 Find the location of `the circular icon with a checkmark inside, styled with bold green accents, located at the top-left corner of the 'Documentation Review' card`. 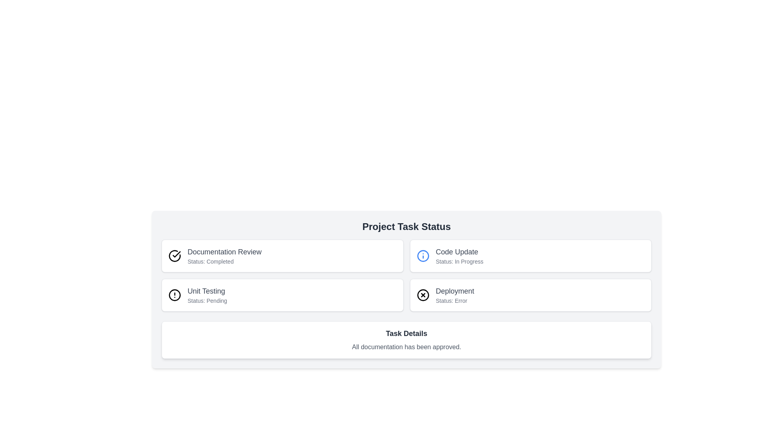

the circular icon with a checkmark inside, styled with bold green accents, located at the top-left corner of the 'Documentation Review' card is located at coordinates (174, 256).